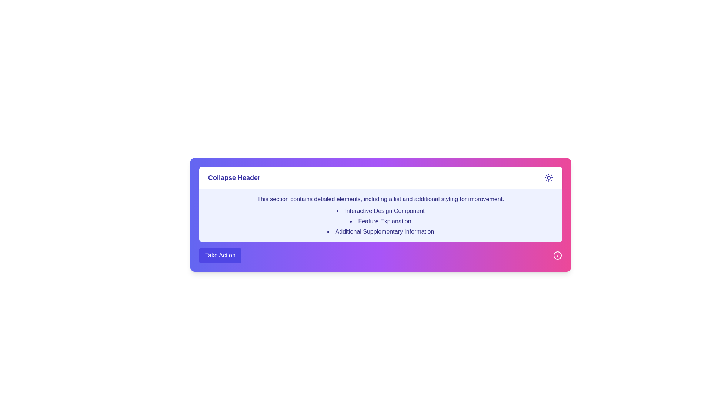 Image resolution: width=711 pixels, height=400 pixels. What do you see at coordinates (558, 255) in the screenshot?
I see `the circular icon with a white outline and pink background, containing an information symbol in white, located at the bottom-right corner of the section for more details` at bounding box center [558, 255].